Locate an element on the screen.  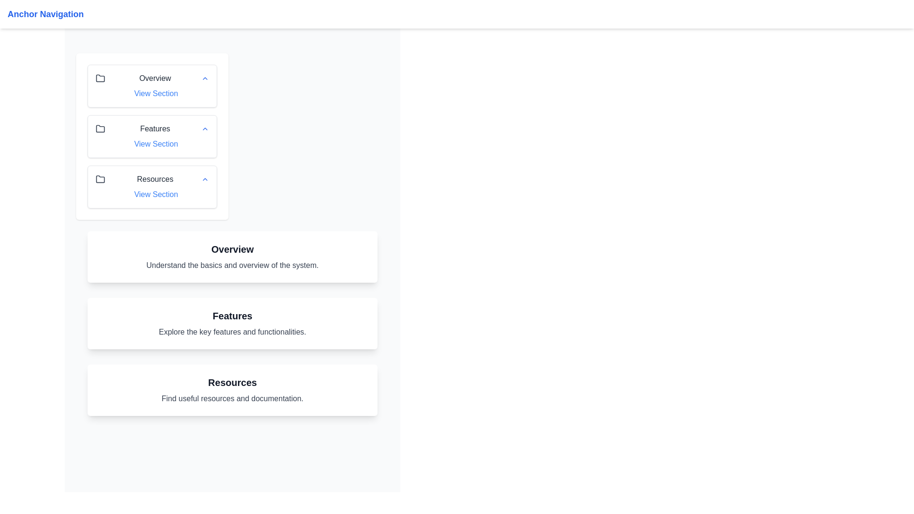
the folder icon within the stacked card navigation component located below the 'Anchor Navigation' header is located at coordinates (152, 136).